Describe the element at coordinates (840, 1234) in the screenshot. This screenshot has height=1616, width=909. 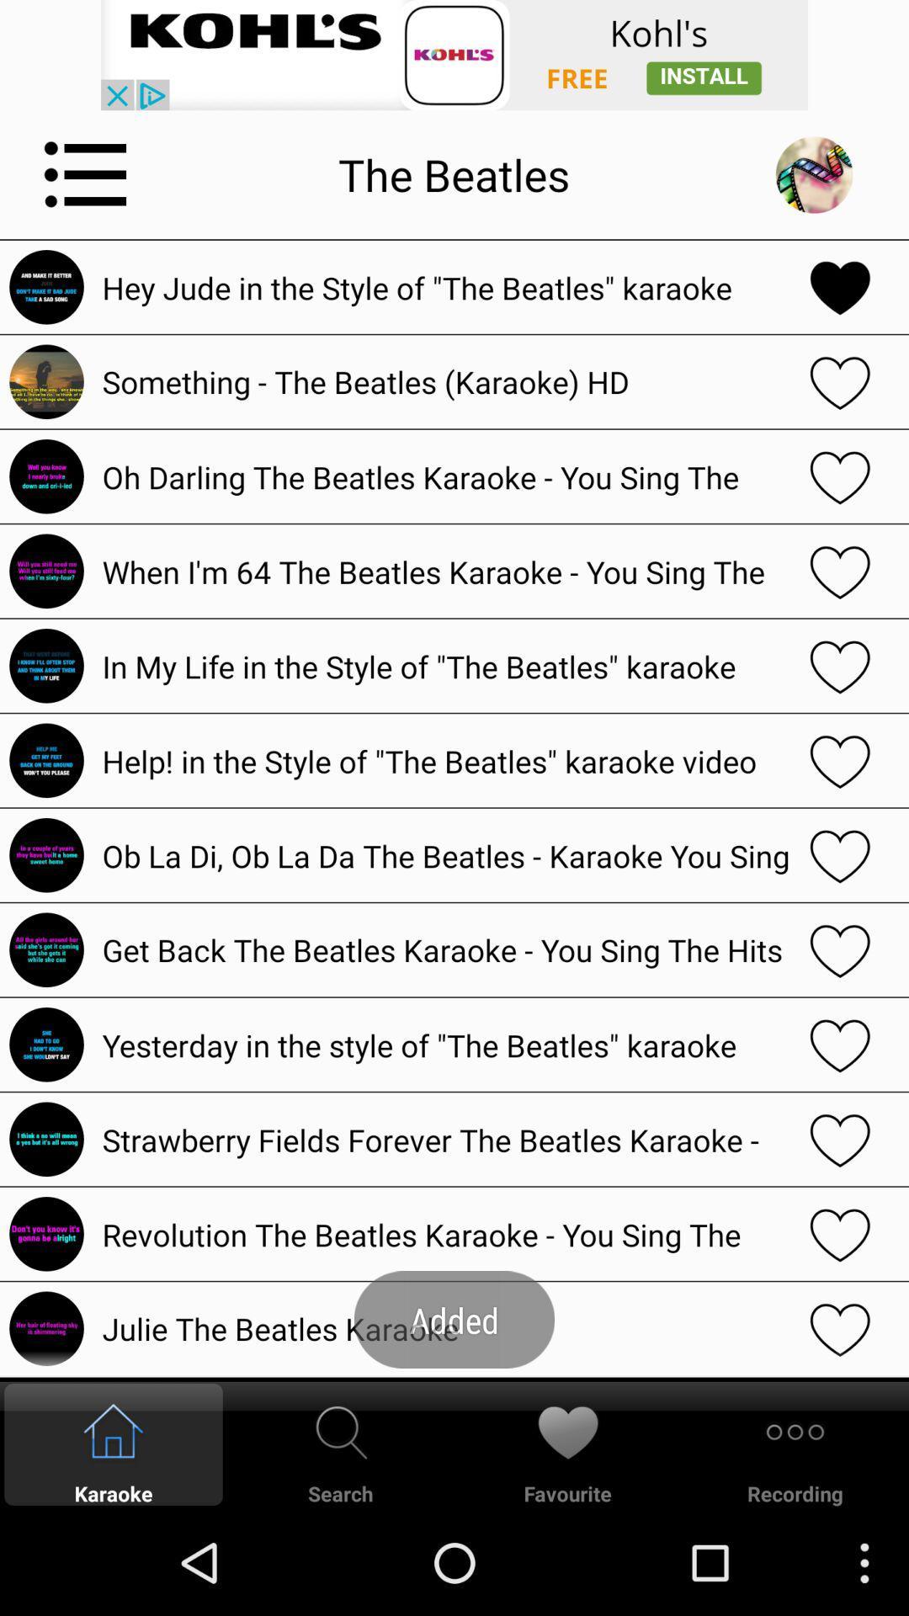
I see `to favorite` at that location.